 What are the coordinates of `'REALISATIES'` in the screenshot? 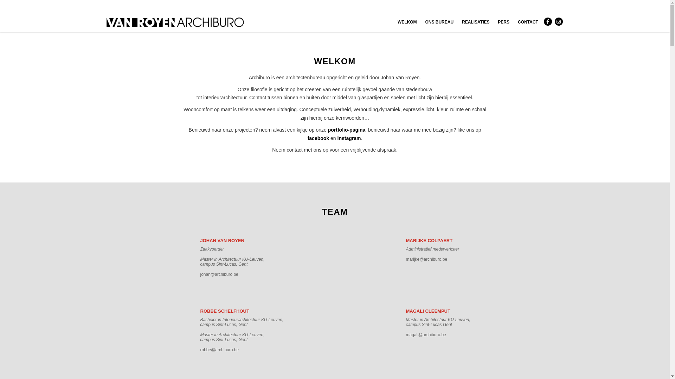 It's located at (476, 22).